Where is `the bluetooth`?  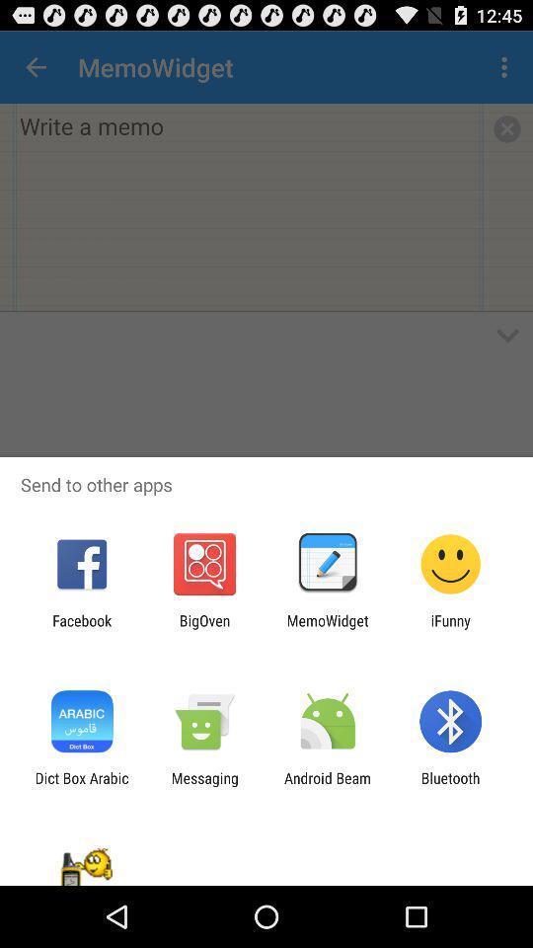 the bluetooth is located at coordinates (450, 786).